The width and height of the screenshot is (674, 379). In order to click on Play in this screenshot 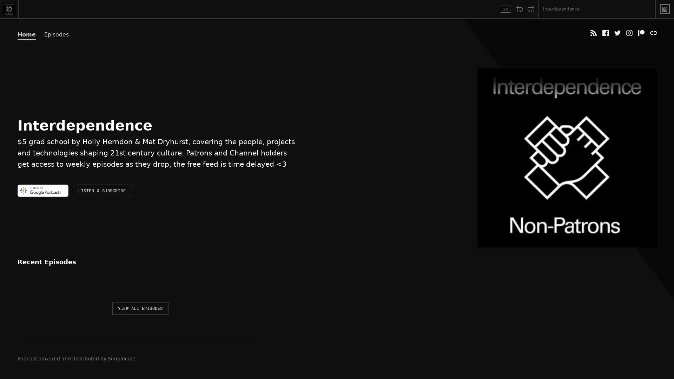, I will do `click(26, 336)`.